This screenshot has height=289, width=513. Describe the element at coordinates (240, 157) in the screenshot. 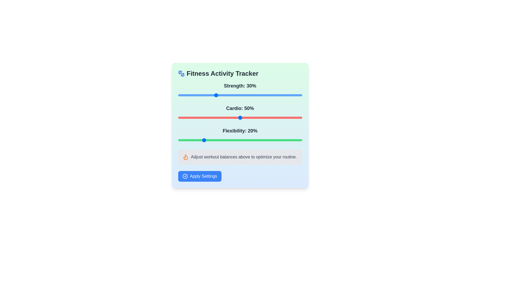

I see `the Instructional Text Component that displays 'Adjust workout balances above to optimize your routine.' with a flame icon on the left, styled in orange, located above the 'Apply Settings' button` at that location.